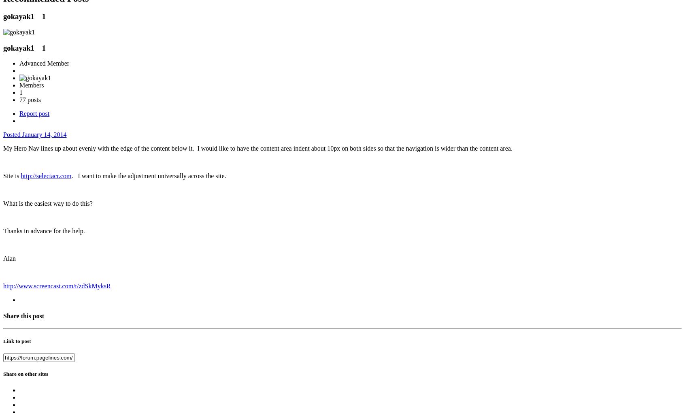 This screenshot has height=413, width=685. What do you see at coordinates (34, 113) in the screenshot?
I see `'Report post'` at bounding box center [34, 113].